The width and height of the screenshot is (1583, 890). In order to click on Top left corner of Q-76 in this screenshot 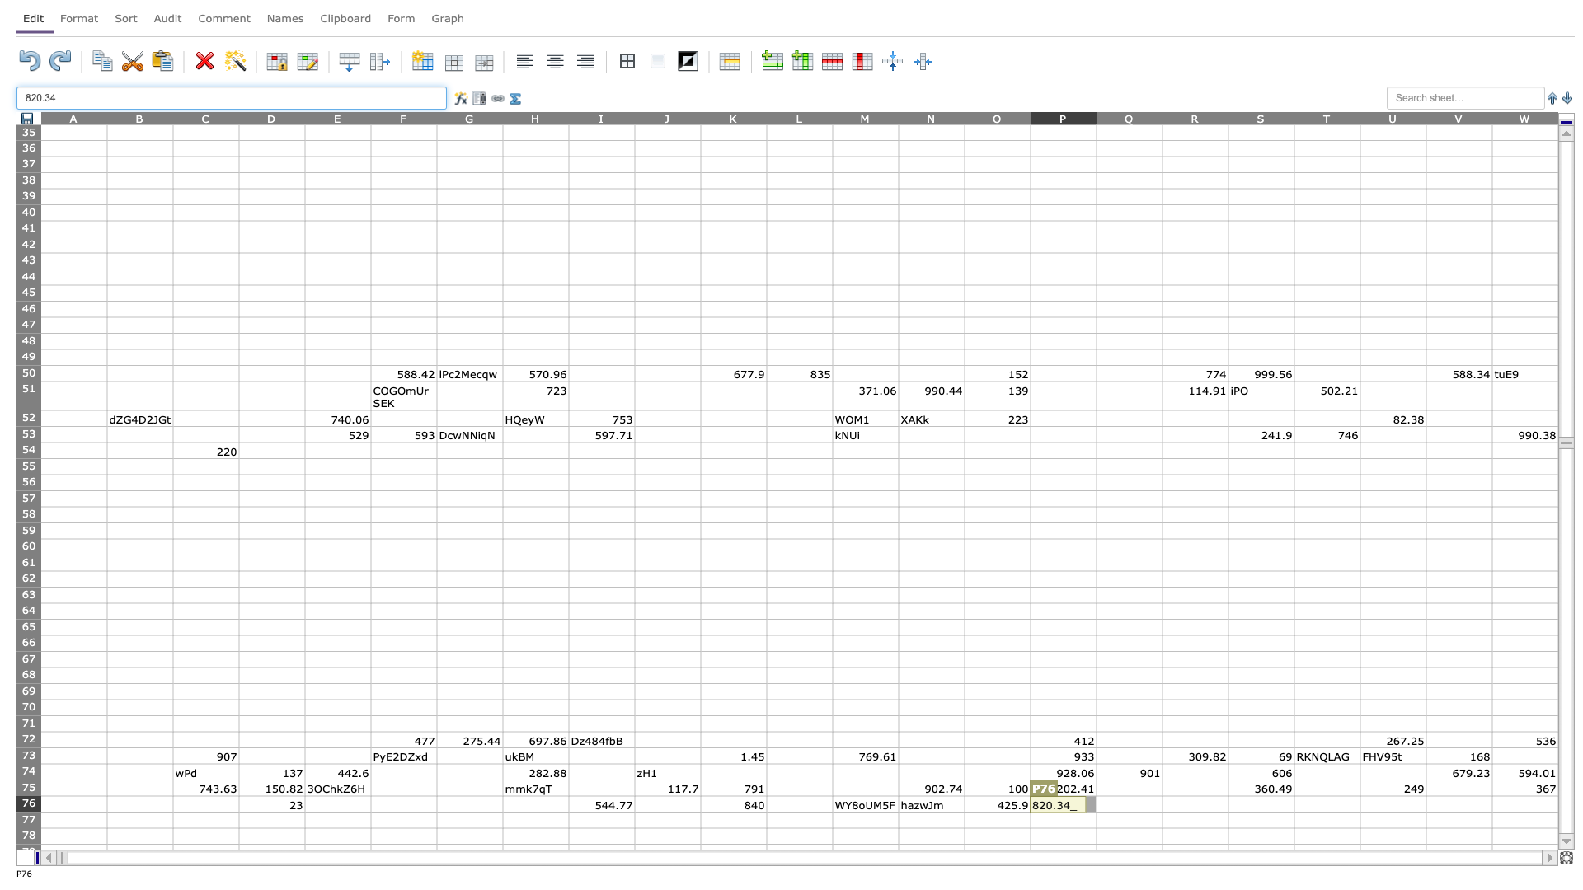, I will do `click(1096, 794)`.